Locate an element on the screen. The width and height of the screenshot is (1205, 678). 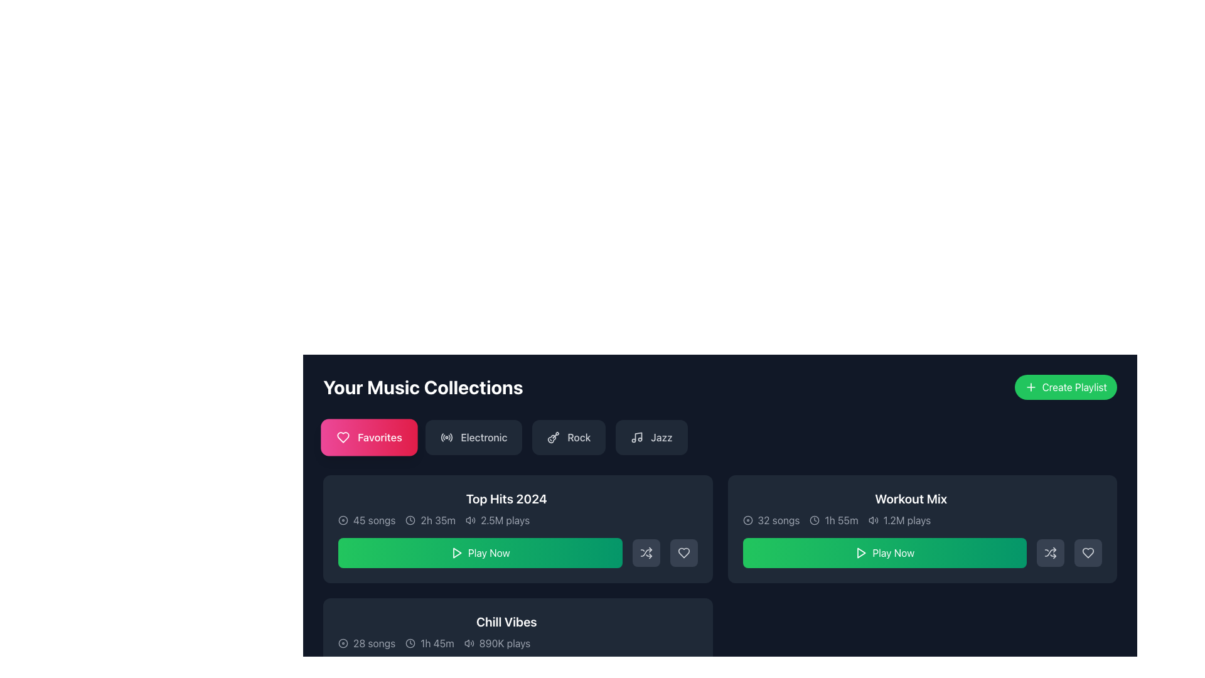
metadata information about the 'Workout Mix' playlist, which includes the number of songs, total duration, and total plays, located below the title 'Workout Mix' and above the 'Play Now' button is located at coordinates (911, 520).